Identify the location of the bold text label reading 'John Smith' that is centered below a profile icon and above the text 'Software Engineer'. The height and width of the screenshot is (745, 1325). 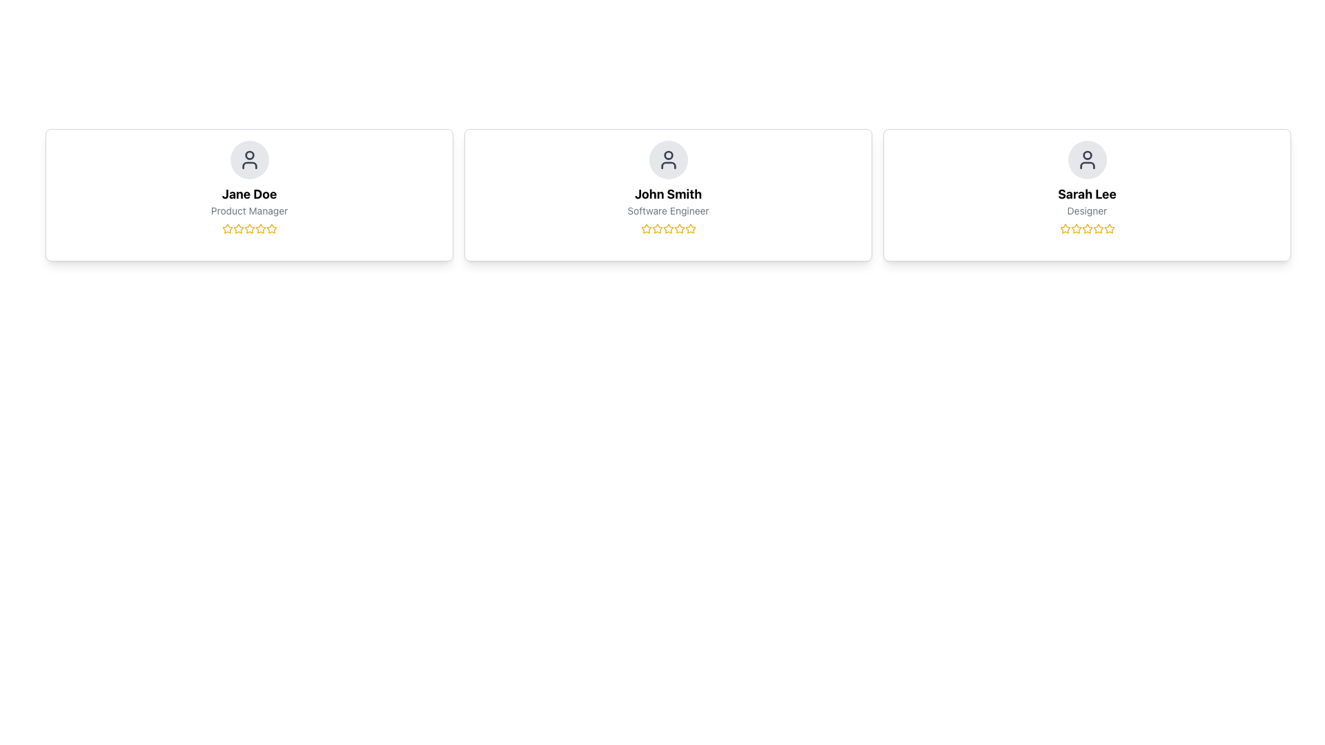
(668, 194).